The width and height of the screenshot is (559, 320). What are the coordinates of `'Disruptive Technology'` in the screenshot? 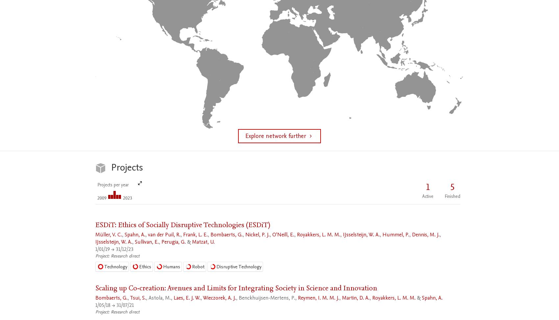 It's located at (239, 266).